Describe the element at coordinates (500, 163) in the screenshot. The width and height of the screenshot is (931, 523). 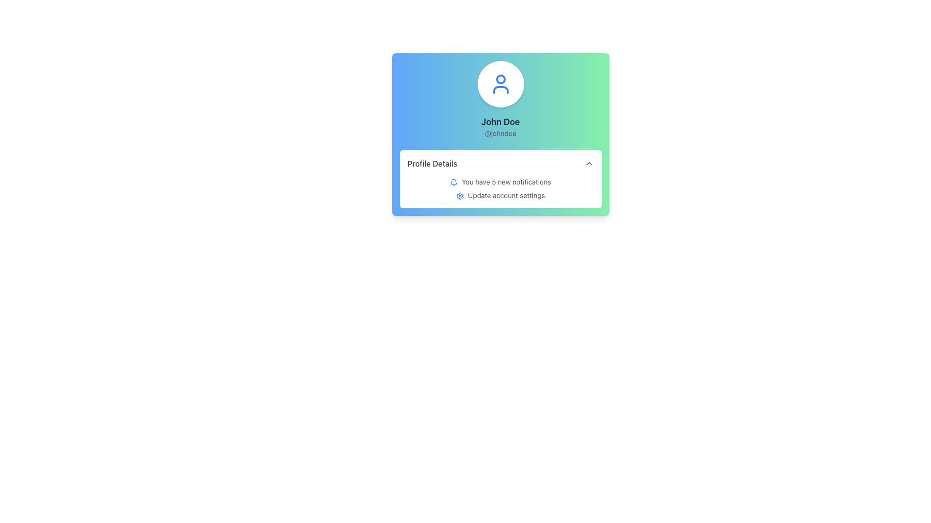
I see `the Collapsible Header labeled 'Profile Details'` at that location.